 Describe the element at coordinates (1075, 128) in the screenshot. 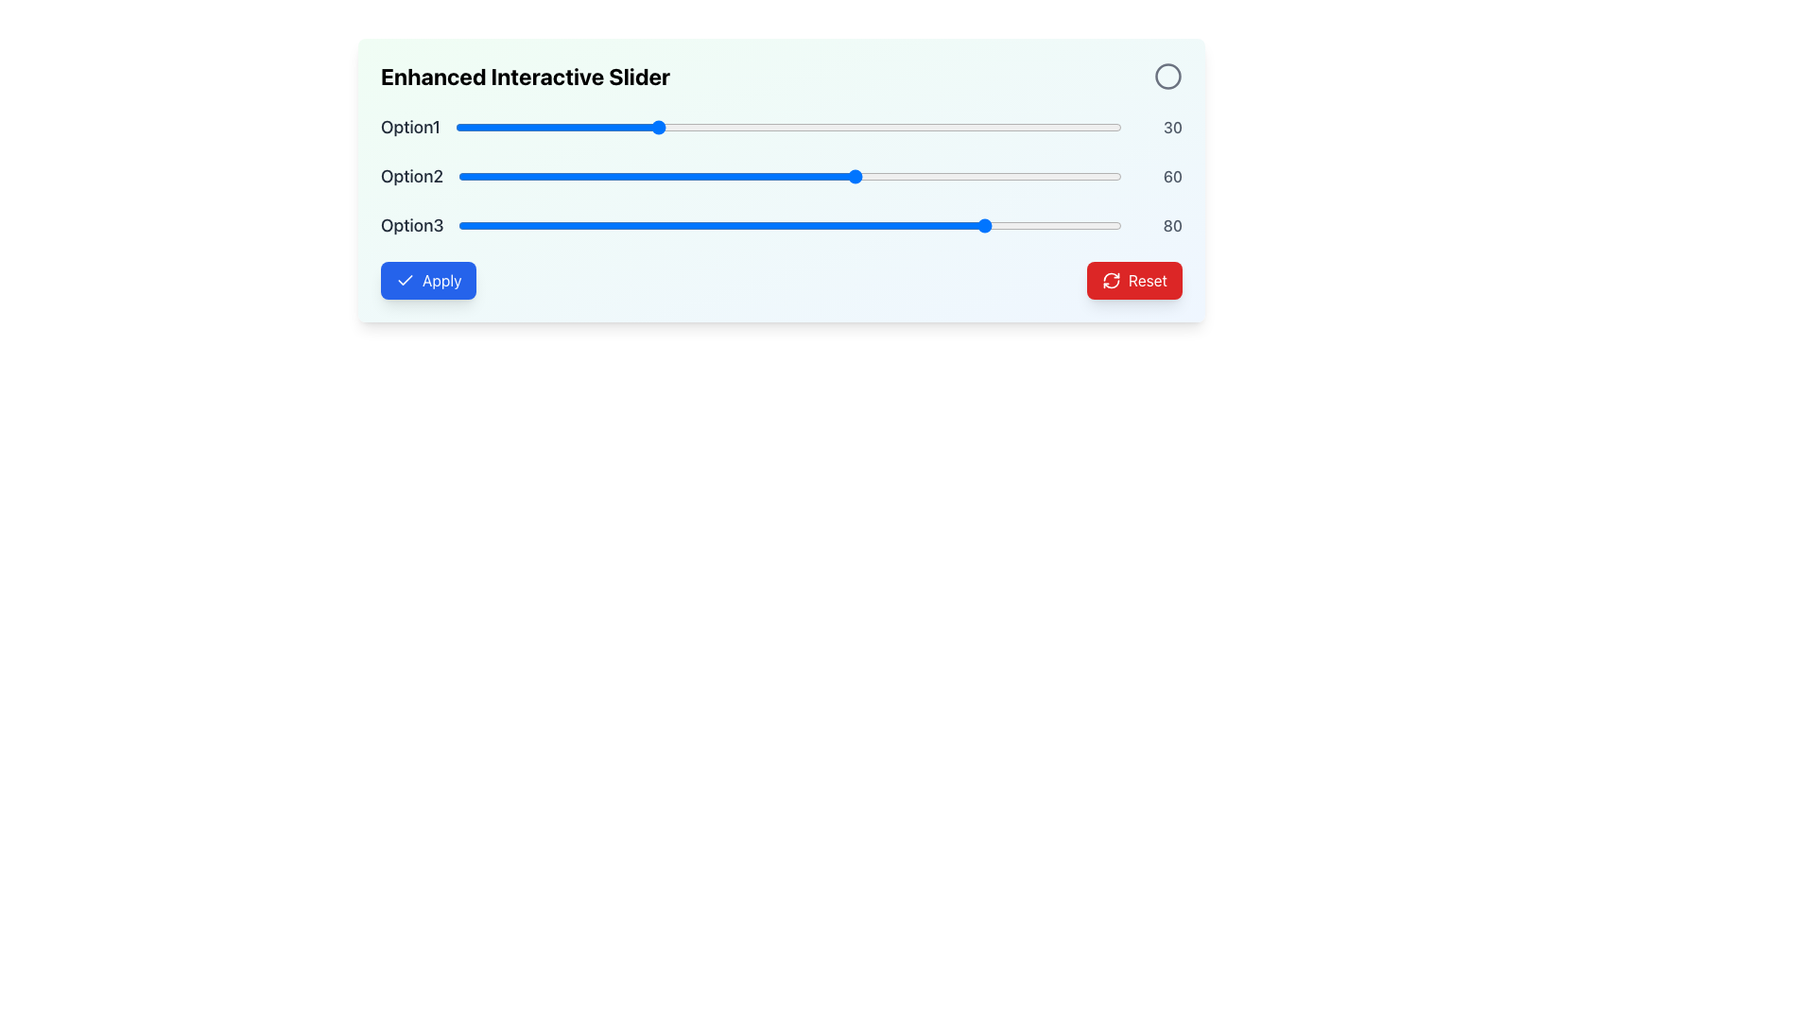

I see `the slider` at that location.